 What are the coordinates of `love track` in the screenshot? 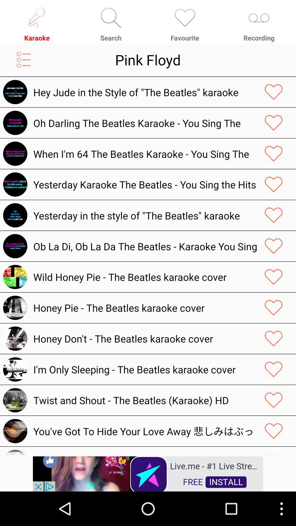 It's located at (274, 431).